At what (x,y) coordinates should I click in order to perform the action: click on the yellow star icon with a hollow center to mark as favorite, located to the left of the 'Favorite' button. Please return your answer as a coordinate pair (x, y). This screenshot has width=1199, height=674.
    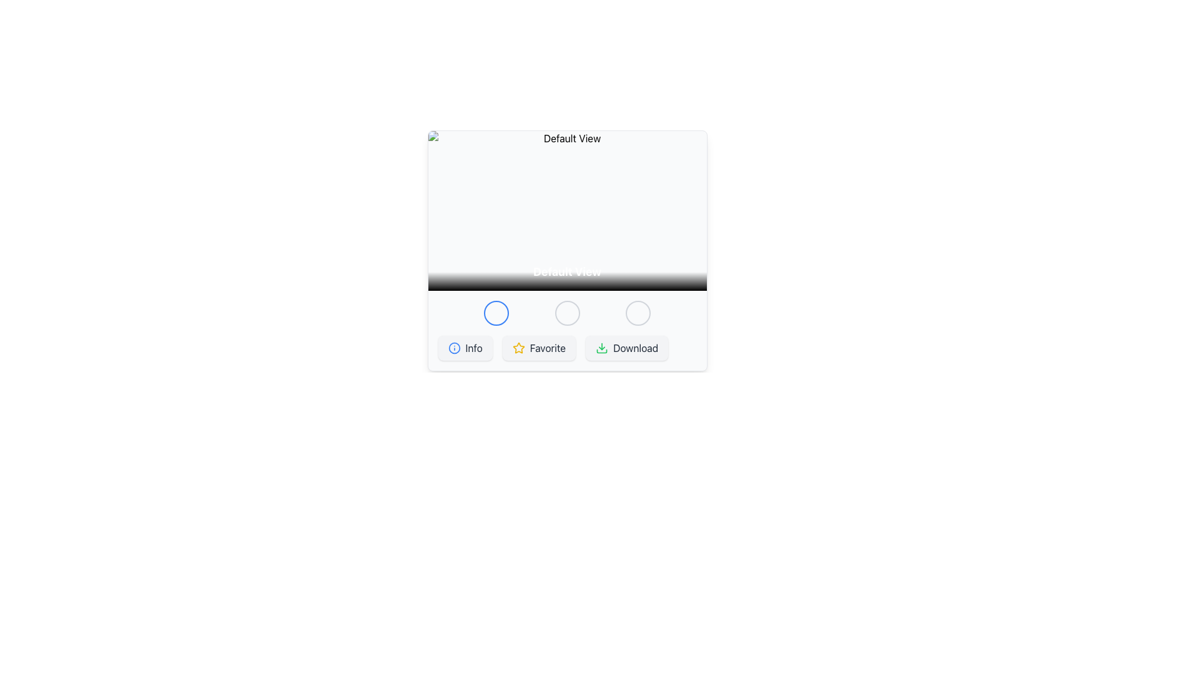
    Looking at the image, I should click on (518, 348).